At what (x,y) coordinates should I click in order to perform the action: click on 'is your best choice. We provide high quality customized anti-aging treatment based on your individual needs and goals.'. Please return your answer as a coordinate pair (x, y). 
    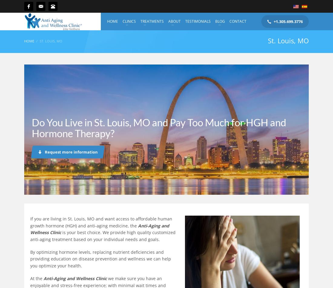
    Looking at the image, I should click on (103, 235).